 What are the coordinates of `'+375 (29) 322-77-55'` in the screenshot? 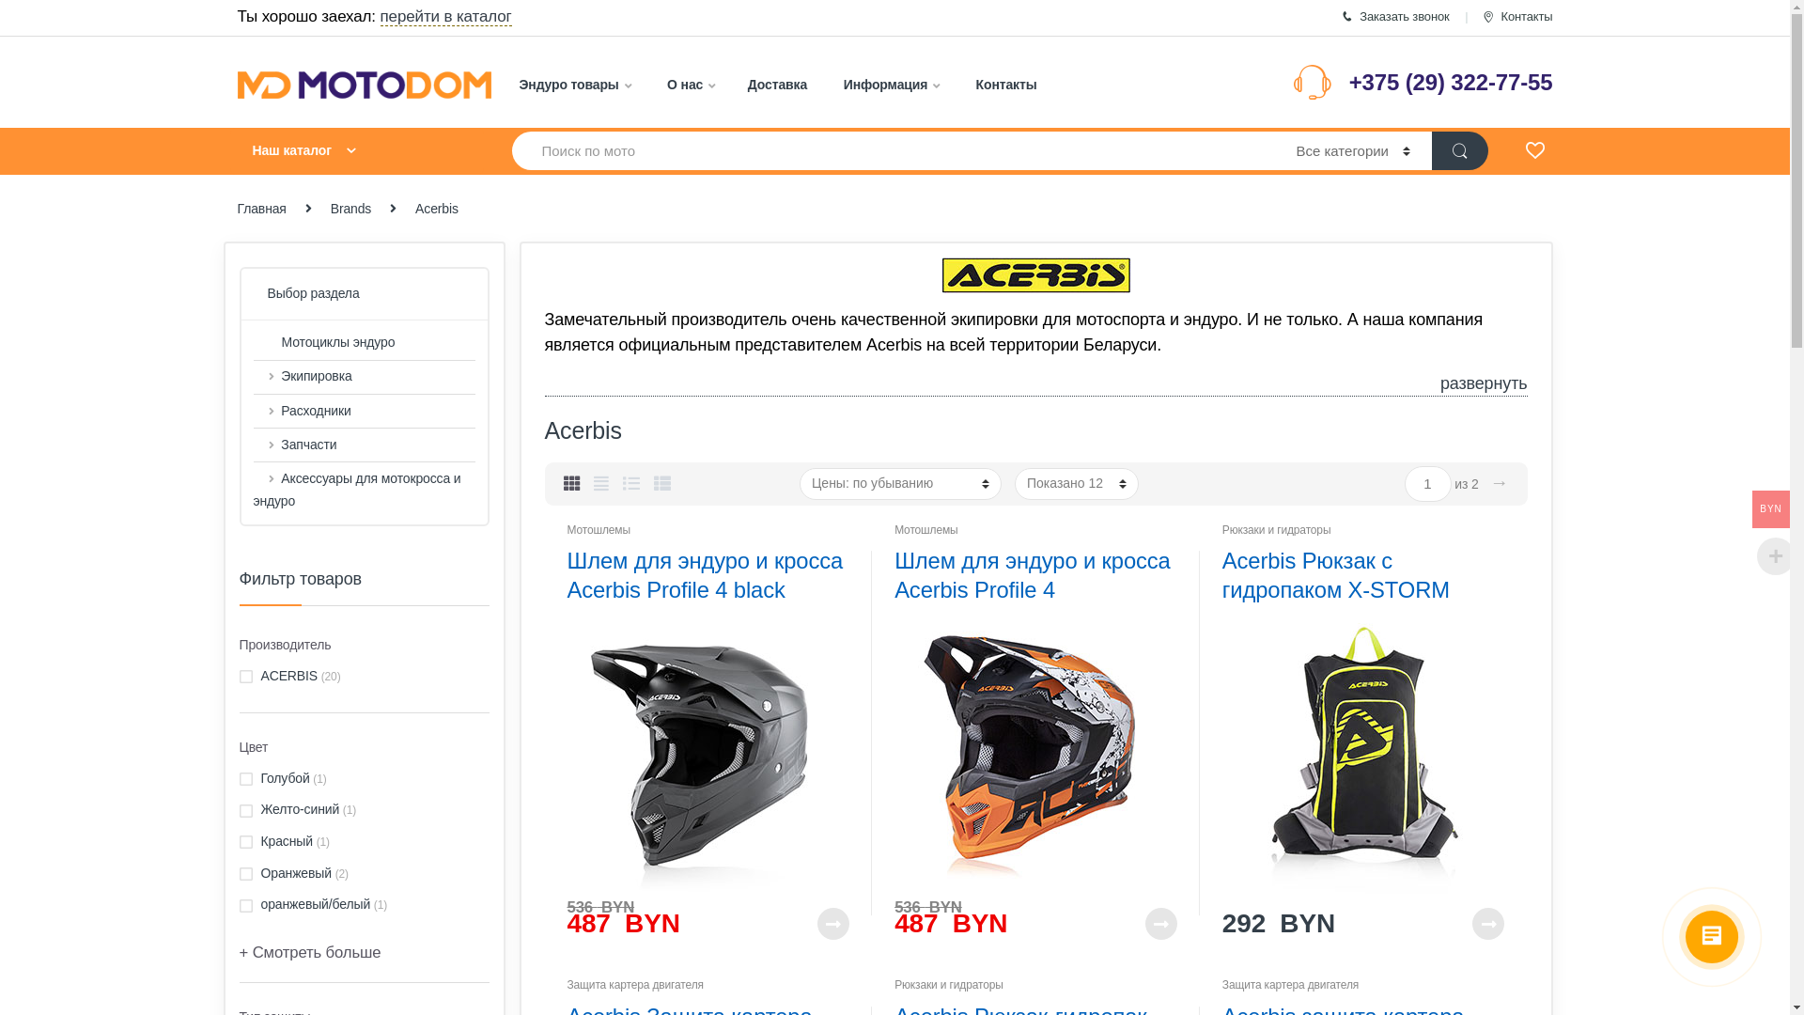 It's located at (1450, 82).